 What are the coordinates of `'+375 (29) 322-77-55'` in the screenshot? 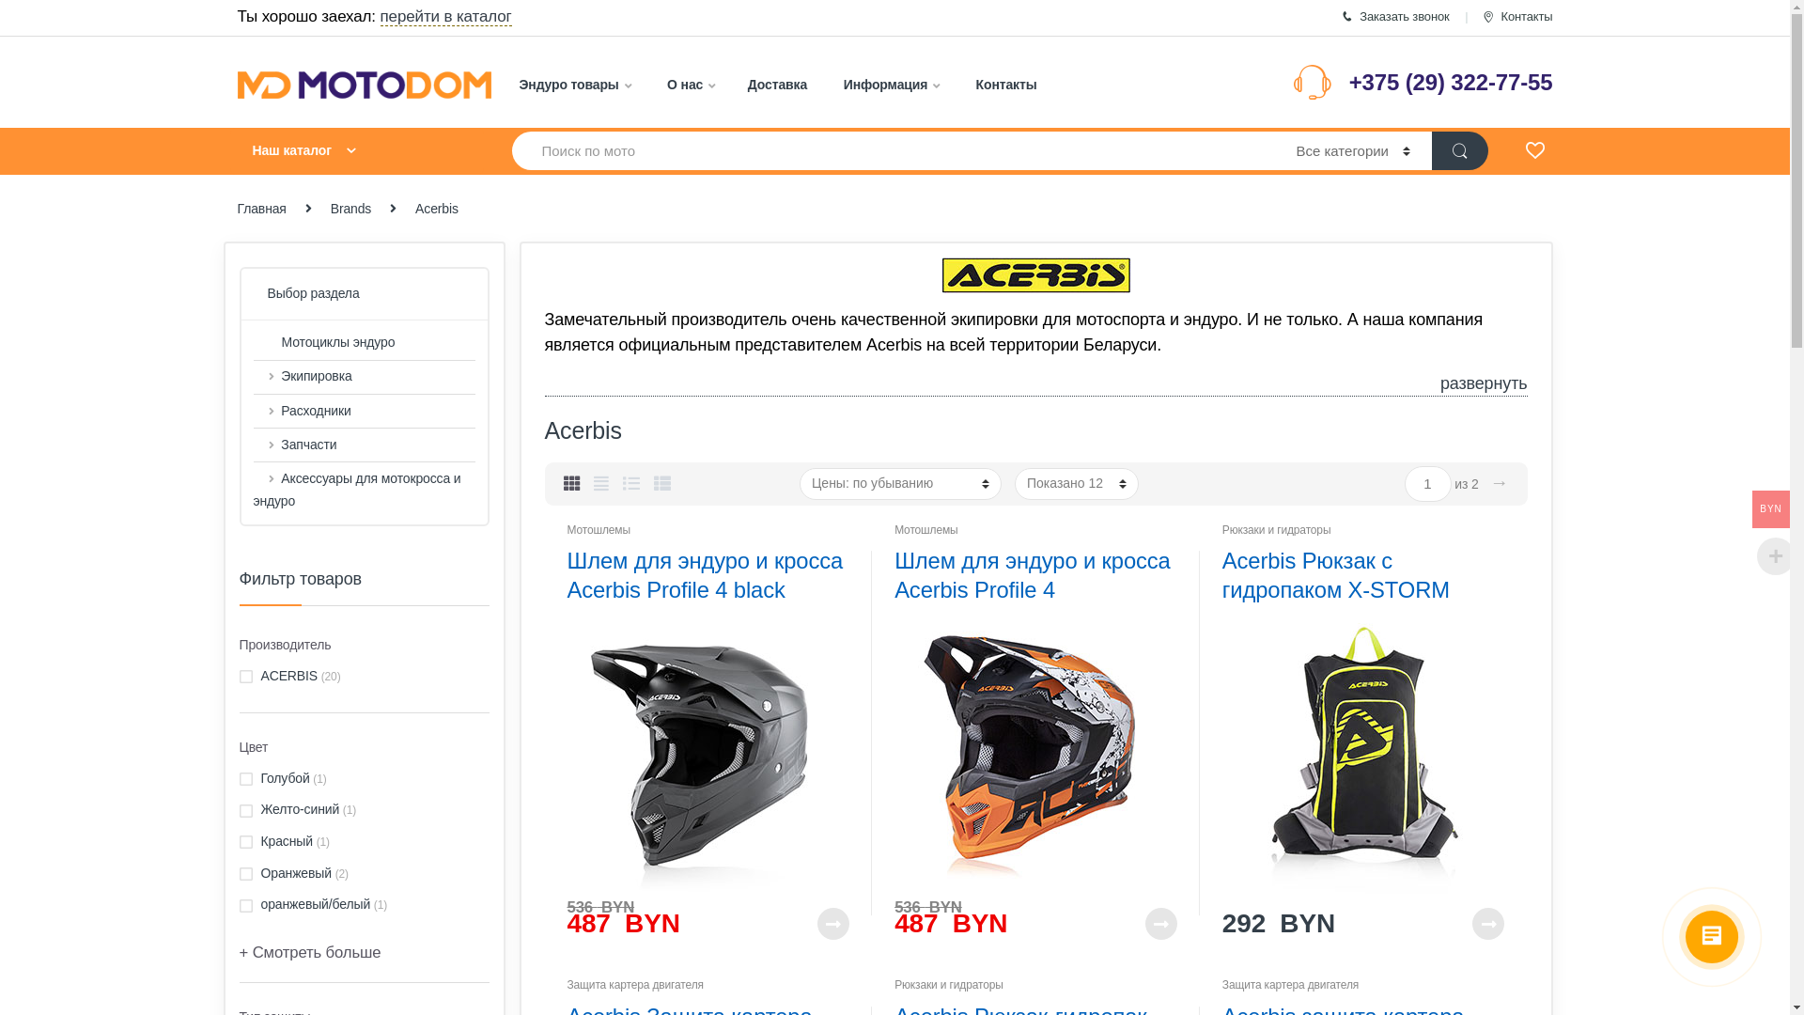 It's located at (1450, 82).